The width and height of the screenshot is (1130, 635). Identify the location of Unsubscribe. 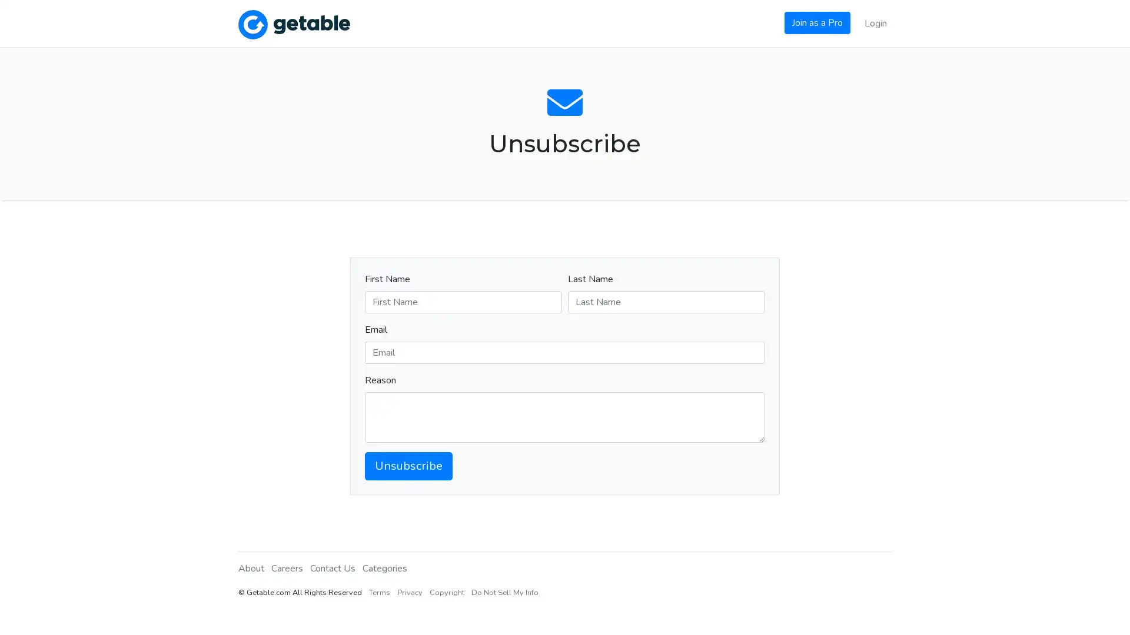
(408, 464).